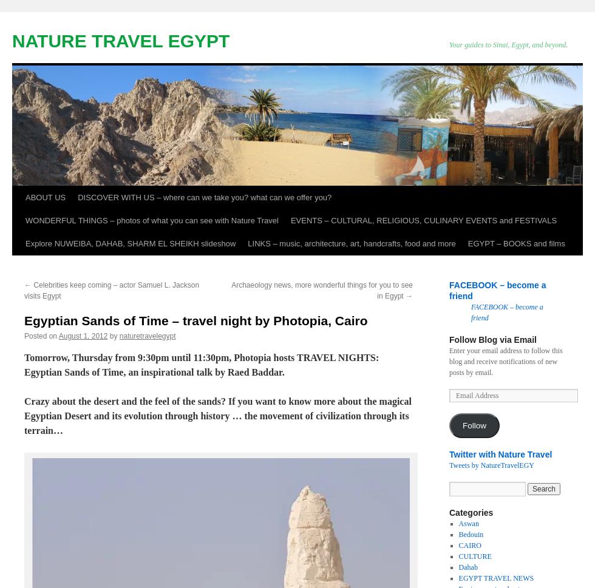 The height and width of the screenshot is (588, 595). What do you see at coordinates (471, 512) in the screenshot?
I see `'Categories'` at bounding box center [471, 512].